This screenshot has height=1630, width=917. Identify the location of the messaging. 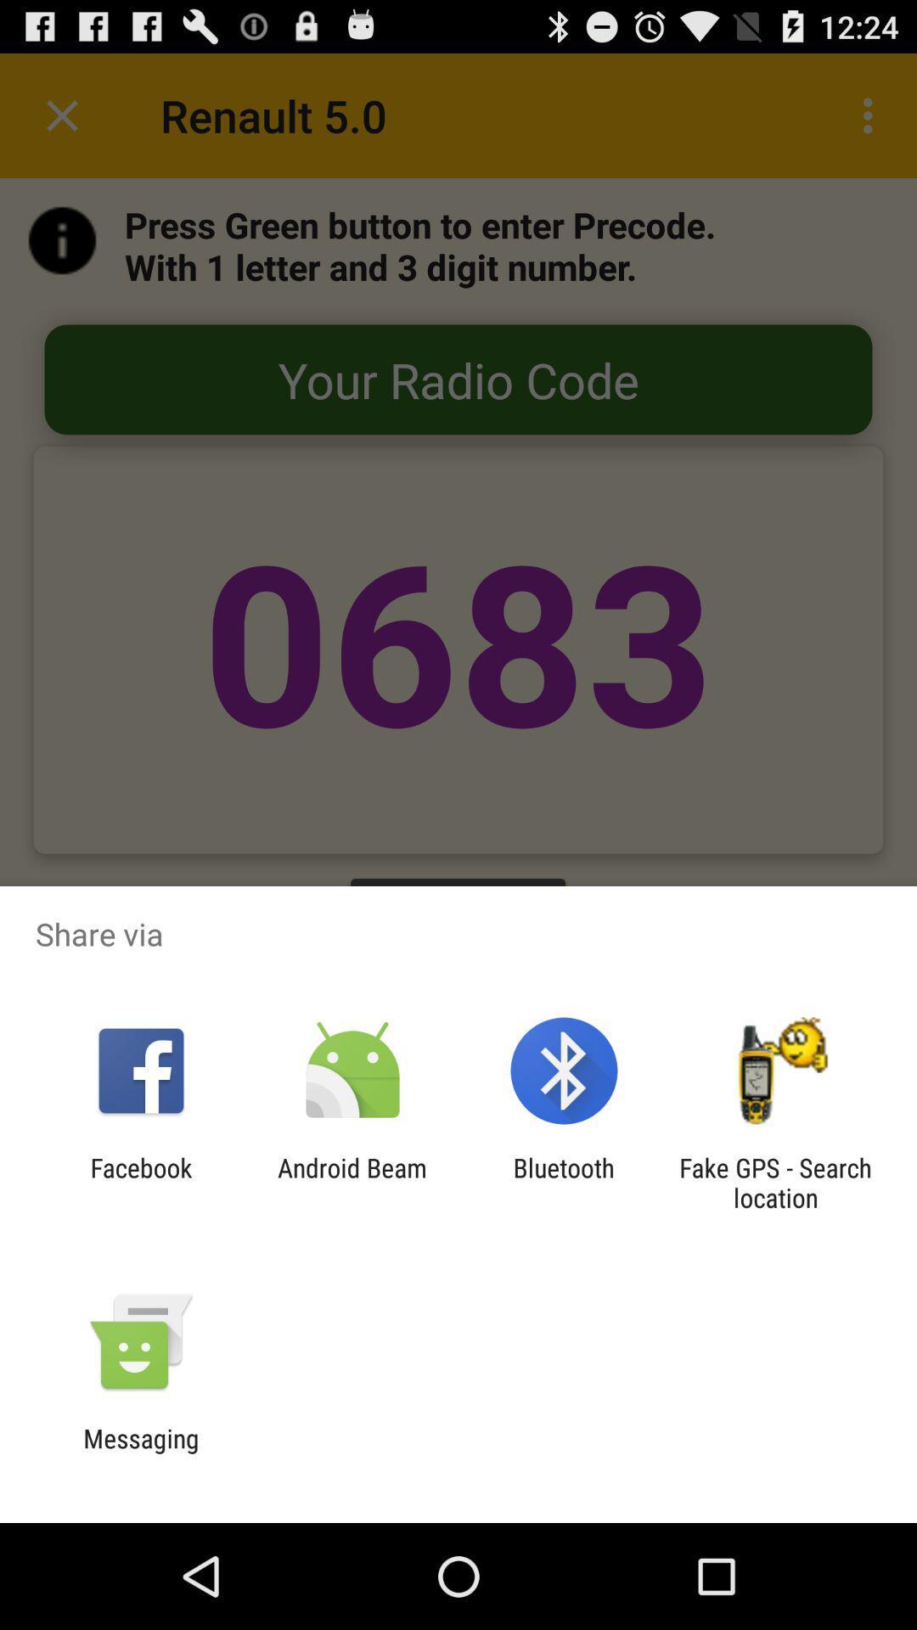
(140, 1453).